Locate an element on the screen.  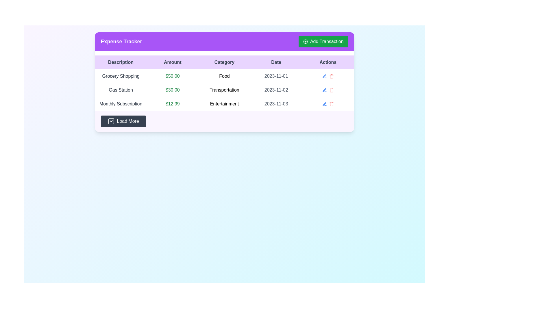
the second row in the expense table, located between 'Grocery Shopping' and 'Monthly Subscription', to view more details is located at coordinates (224, 90).